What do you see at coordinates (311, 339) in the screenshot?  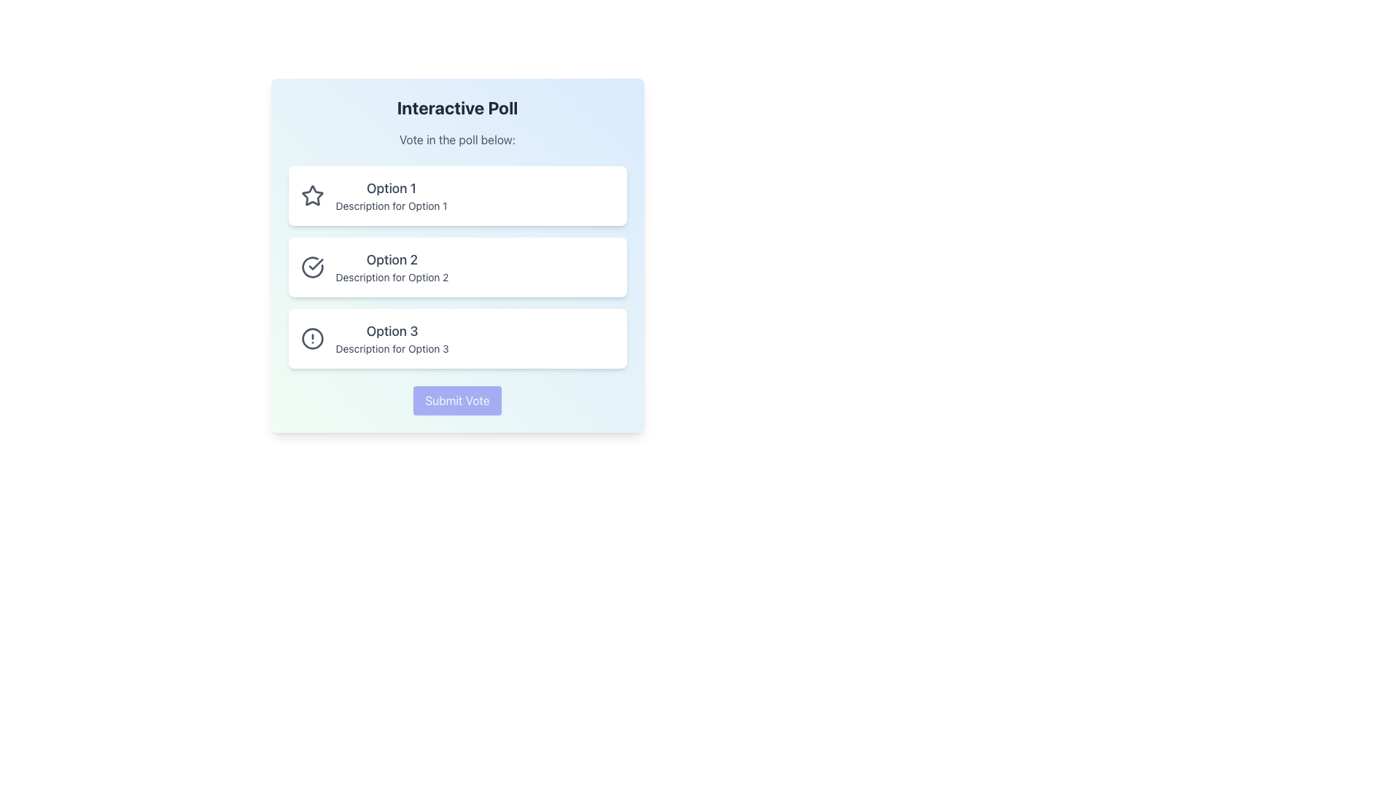 I see `the circular icon with a bold stroke and central exclamation mark located to the left of the descriptive text for 'Option 3' in the voting choices list` at bounding box center [311, 339].